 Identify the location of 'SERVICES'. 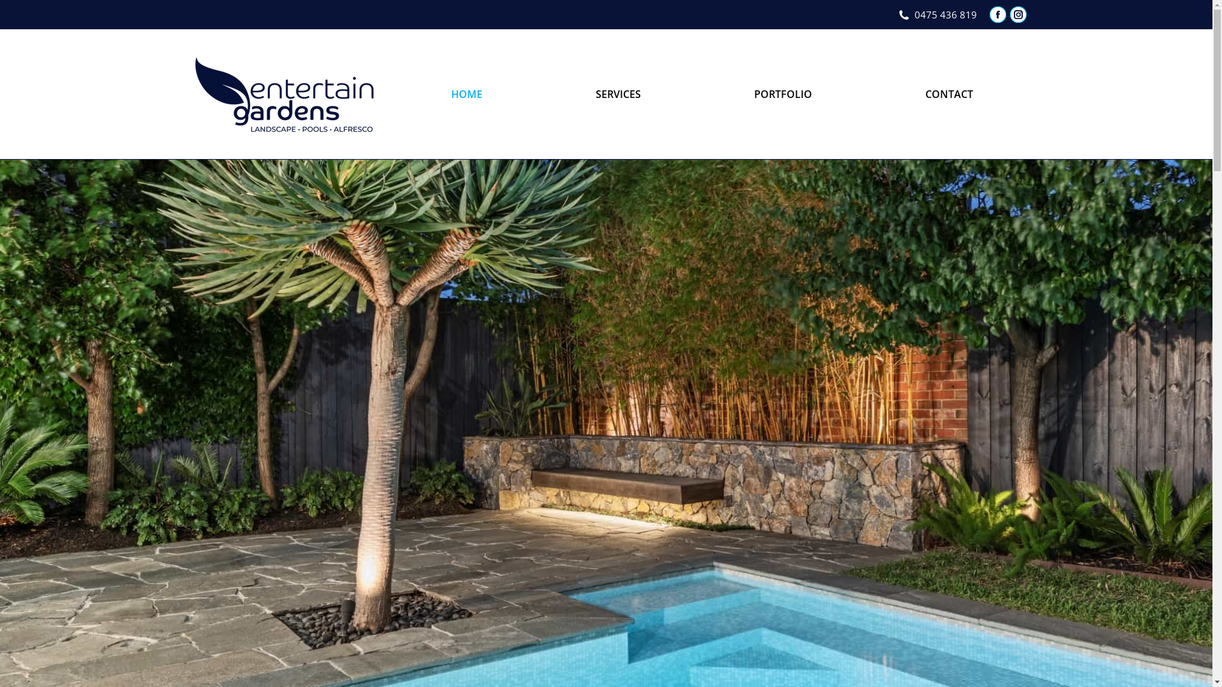
(618, 93).